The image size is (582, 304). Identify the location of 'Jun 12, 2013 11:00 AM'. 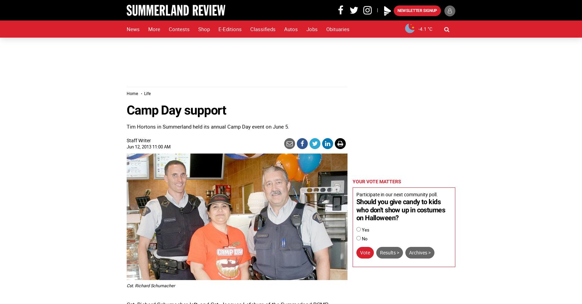
(149, 146).